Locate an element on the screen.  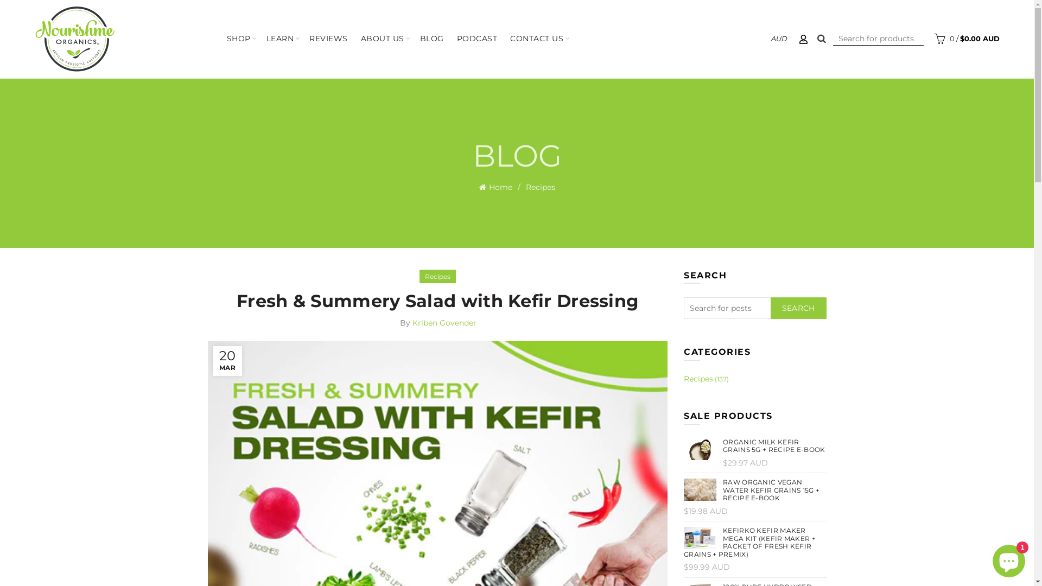
'0 / $0.00 AUD' is located at coordinates (965, 37).